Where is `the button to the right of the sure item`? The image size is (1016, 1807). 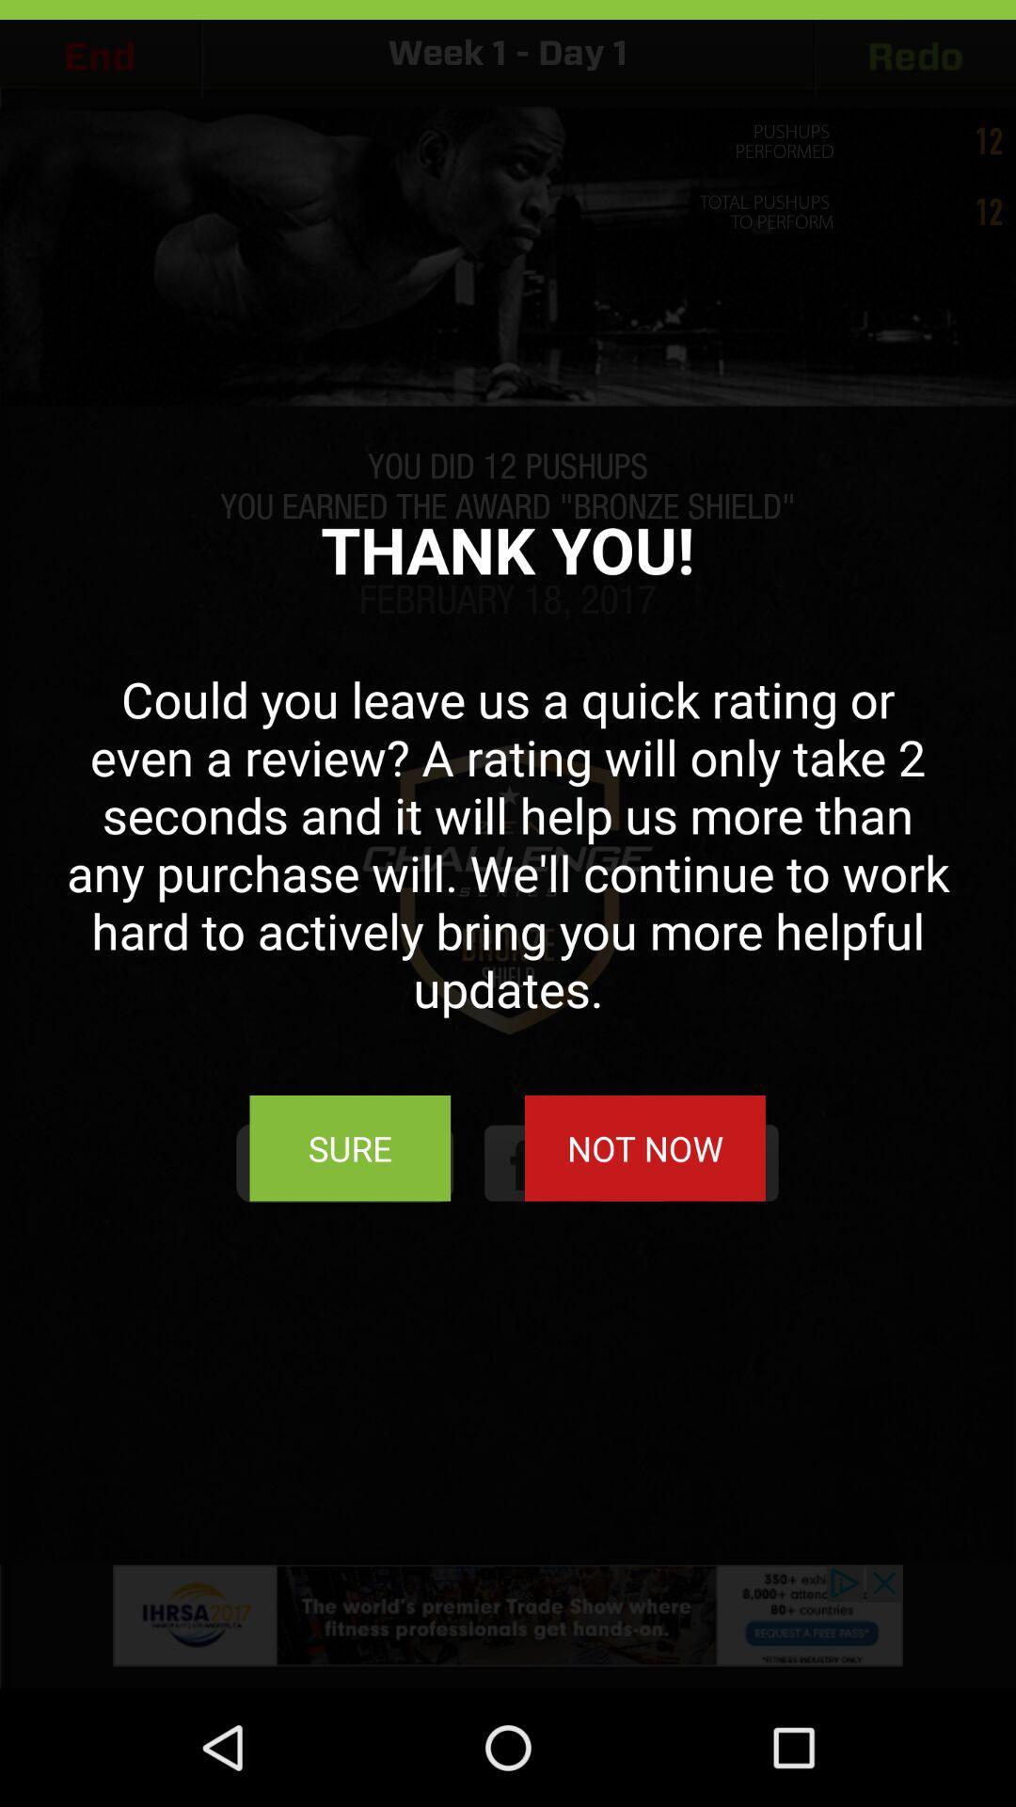
the button to the right of the sure item is located at coordinates (643, 1147).